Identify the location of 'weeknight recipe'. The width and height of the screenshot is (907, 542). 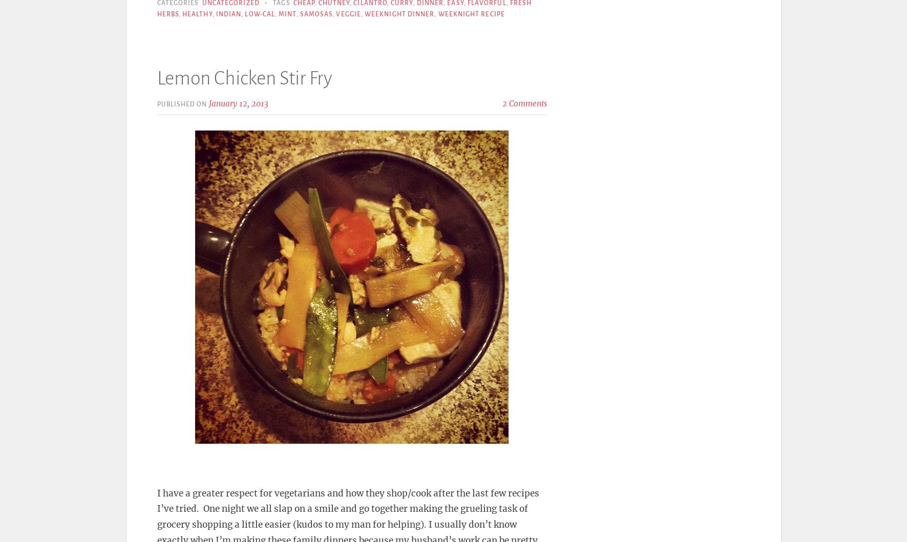
(471, 14).